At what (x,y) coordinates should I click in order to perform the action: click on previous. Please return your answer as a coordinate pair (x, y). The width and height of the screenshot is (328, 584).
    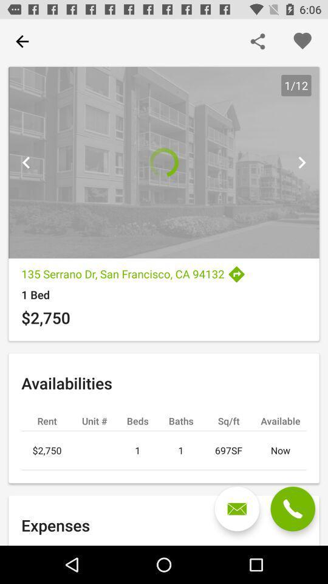
    Looking at the image, I should click on (26, 162).